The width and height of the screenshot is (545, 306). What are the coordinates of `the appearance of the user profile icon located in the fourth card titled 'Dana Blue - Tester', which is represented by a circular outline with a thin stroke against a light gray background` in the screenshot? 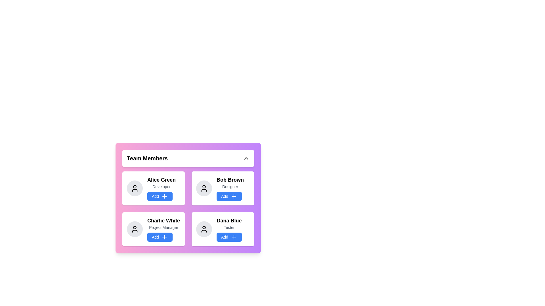 It's located at (204, 229).